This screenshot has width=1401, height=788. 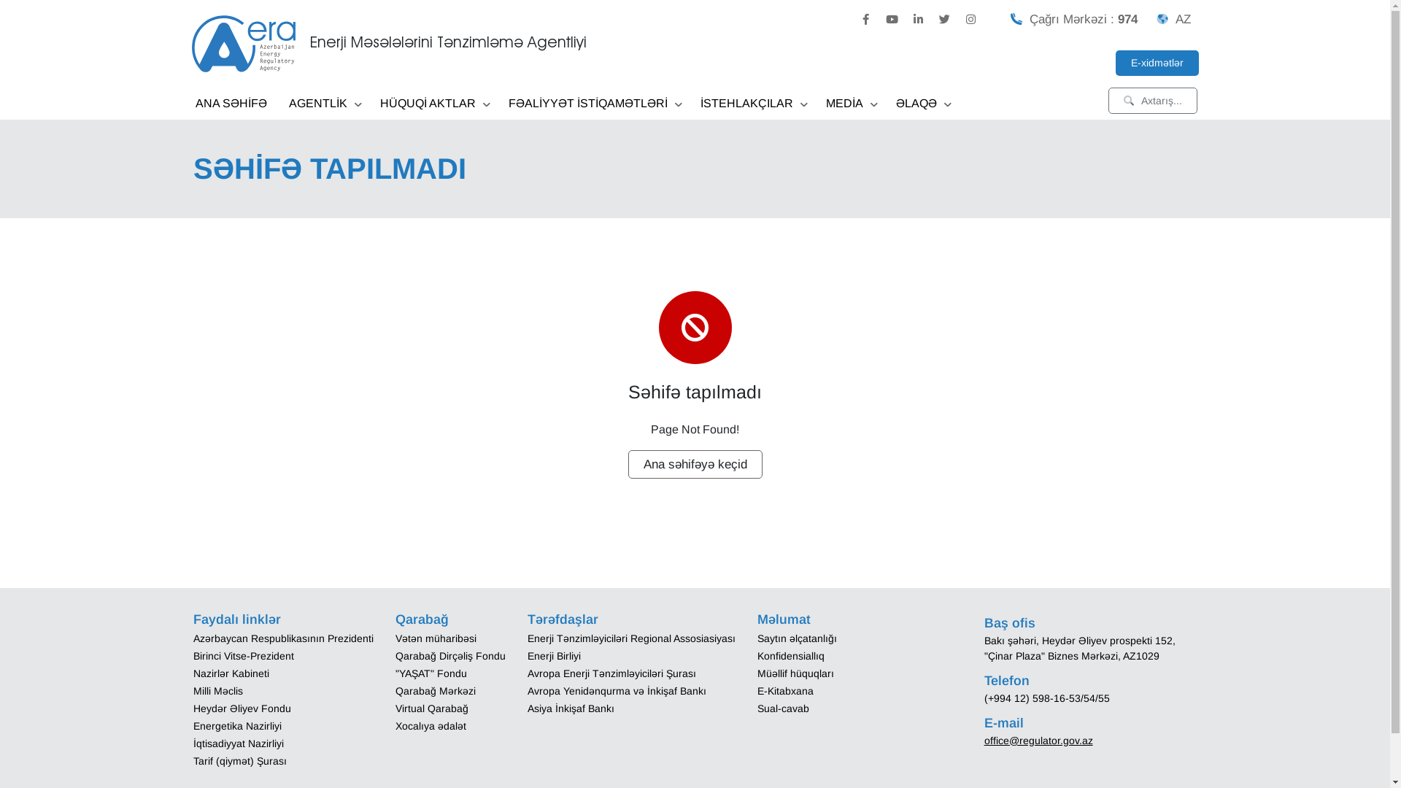 What do you see at coordinates (552, 654) in the screenshot?
I see `'Enerji Birliyi'` at bounding box center [552, 654].